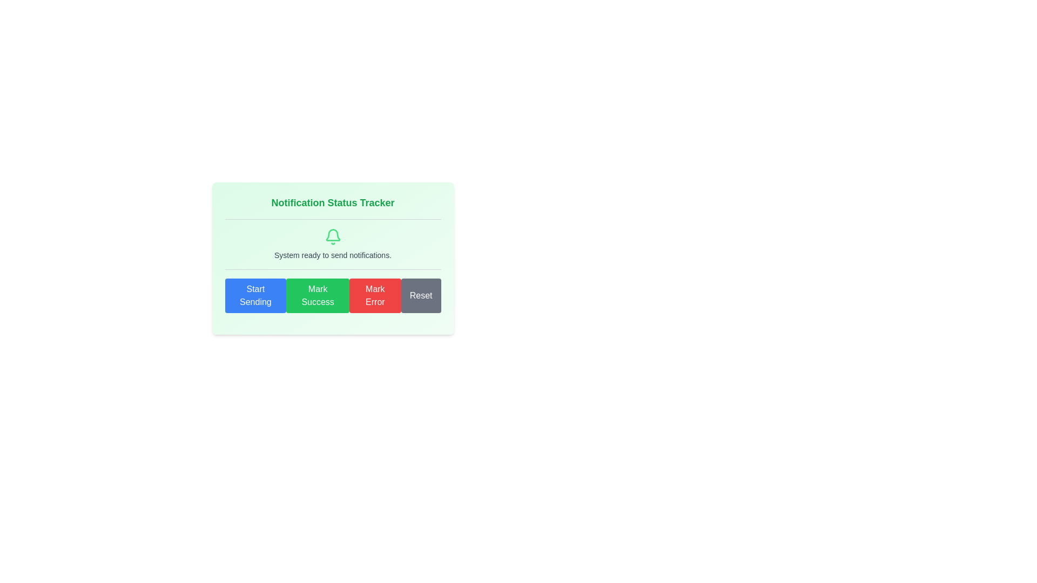 This screenshot has width=1037, height=583. Describe the element at coordinates (332, 236) in the screenshot. I see `the notification status icon located centrally beneath the 'Notification Status Tracker' header` at that location.